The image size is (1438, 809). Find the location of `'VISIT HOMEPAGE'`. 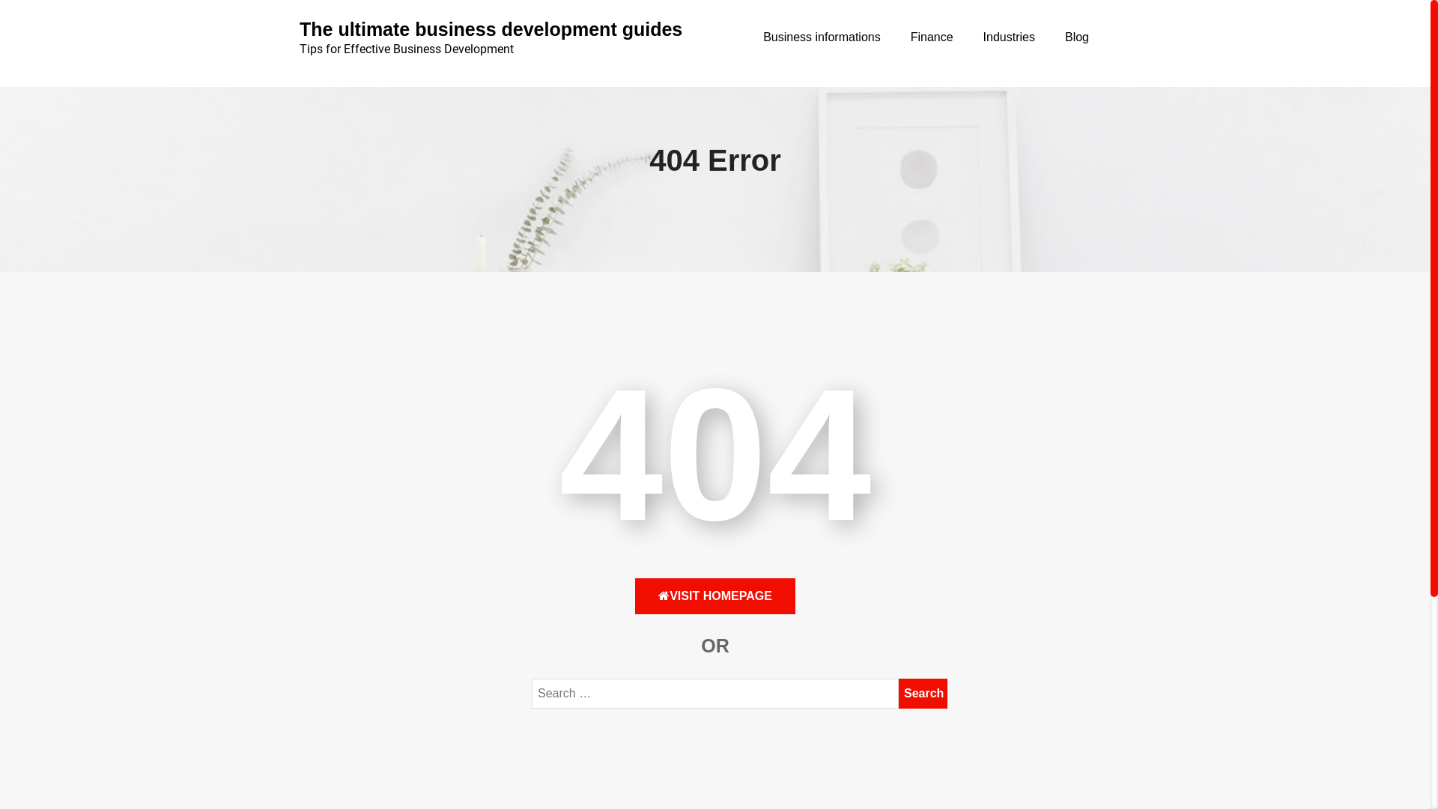

'VISIT HOMEPAGE' is located at coordinates (715, 595).